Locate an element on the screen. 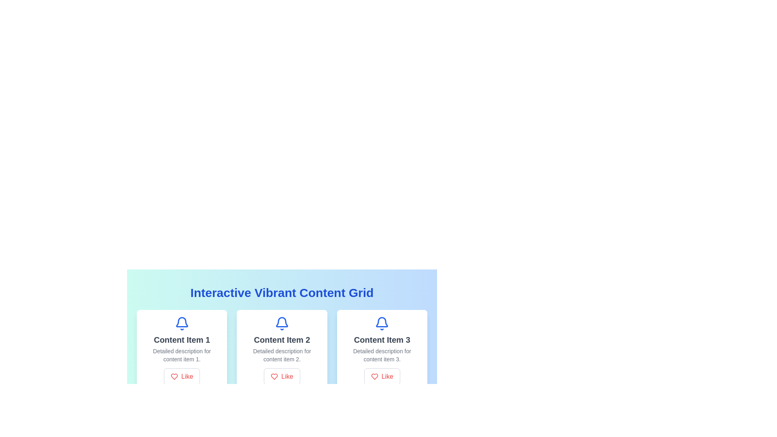  the Text header displaying 'Interactive Vibrant Content Grid' in bold, large-sized, centered, blue font against a gradient background is located at coordinates (282, 293).